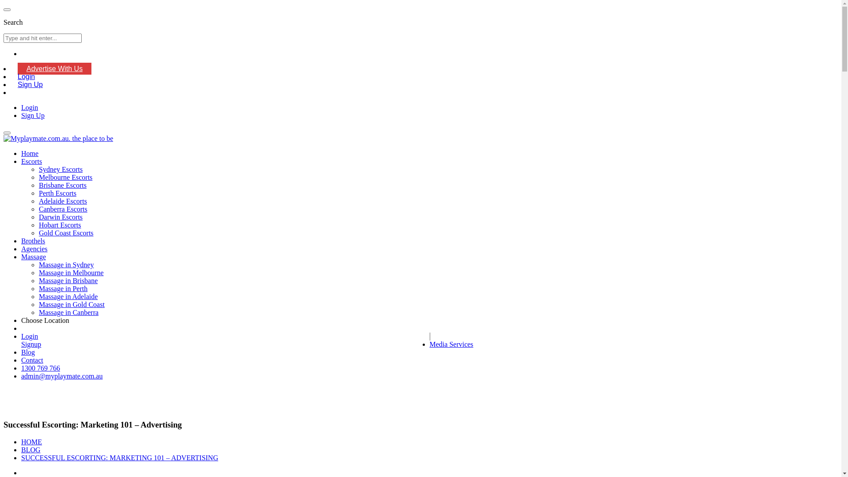  What do you see at coordinates (54, 68) in the screenshot?
I see `'Advertise With Us'` at bounding box center [54, 68].